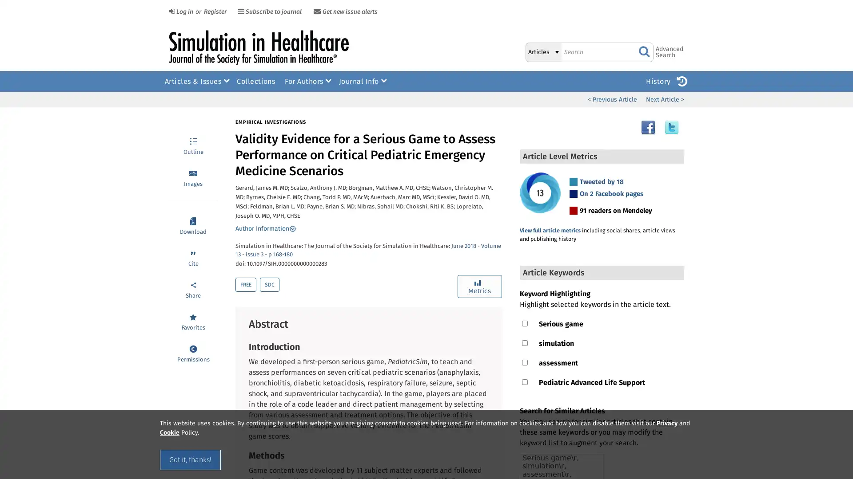  Describe the element at coordinates (193, 257) in the screenshot. I see `Cite` at that location.